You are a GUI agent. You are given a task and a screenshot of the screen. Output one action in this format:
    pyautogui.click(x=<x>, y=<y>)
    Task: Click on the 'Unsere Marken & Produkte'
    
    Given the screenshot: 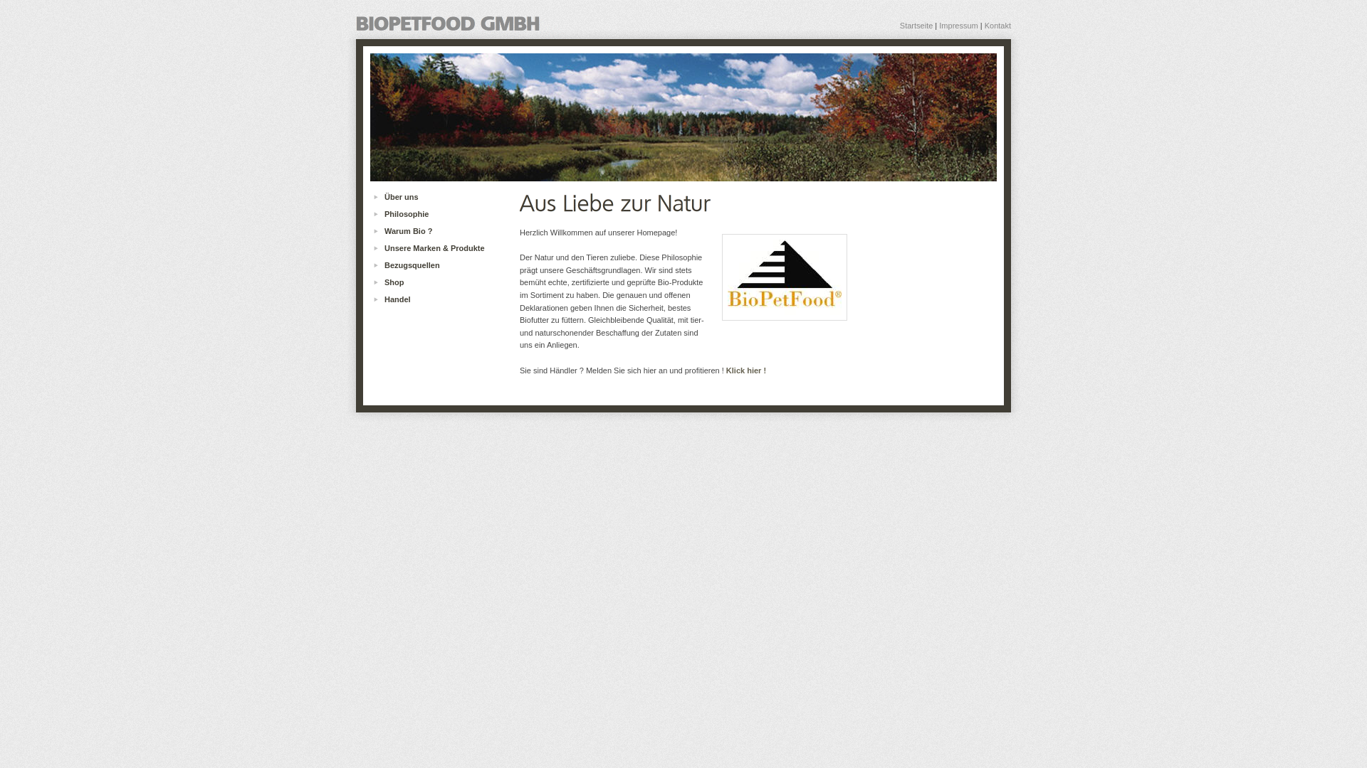 What is the action you would take?
    pyautogui.click(x=440, y=247)
    